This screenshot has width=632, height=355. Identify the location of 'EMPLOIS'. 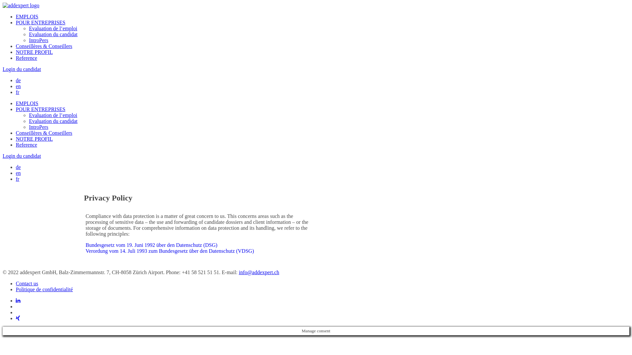
(26, 103).